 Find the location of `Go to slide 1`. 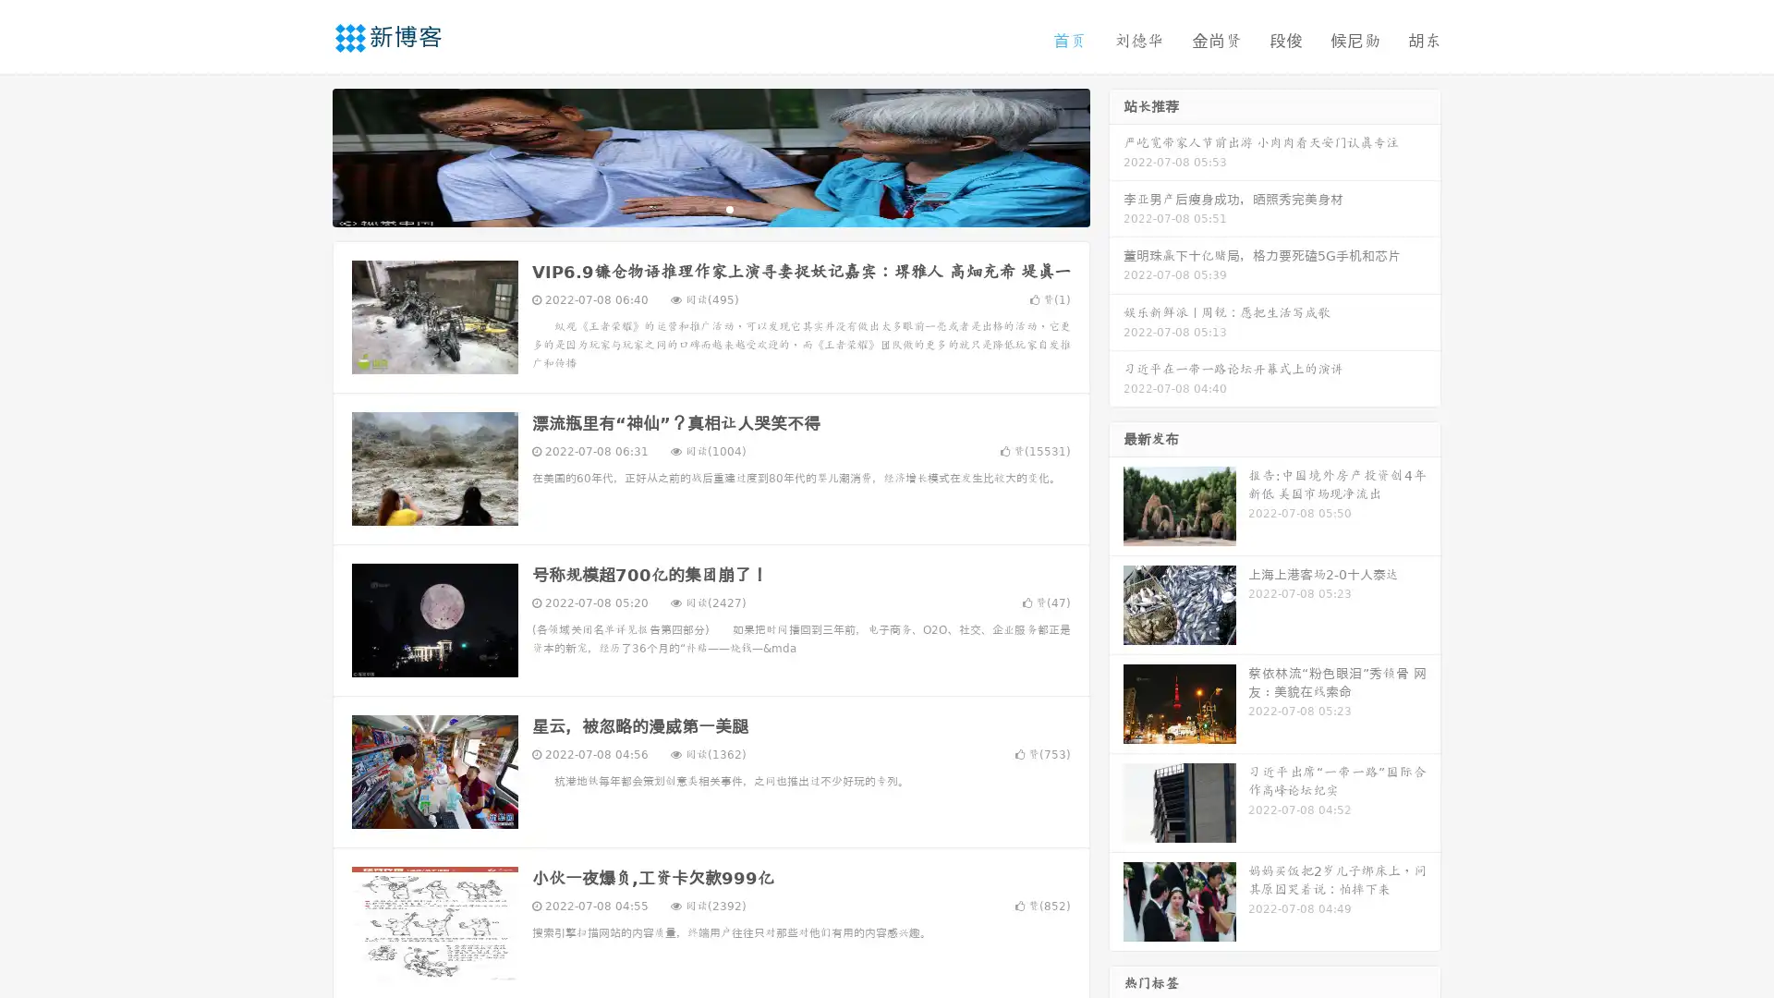

Go to slide 1 is located at coordinates (691, 208).